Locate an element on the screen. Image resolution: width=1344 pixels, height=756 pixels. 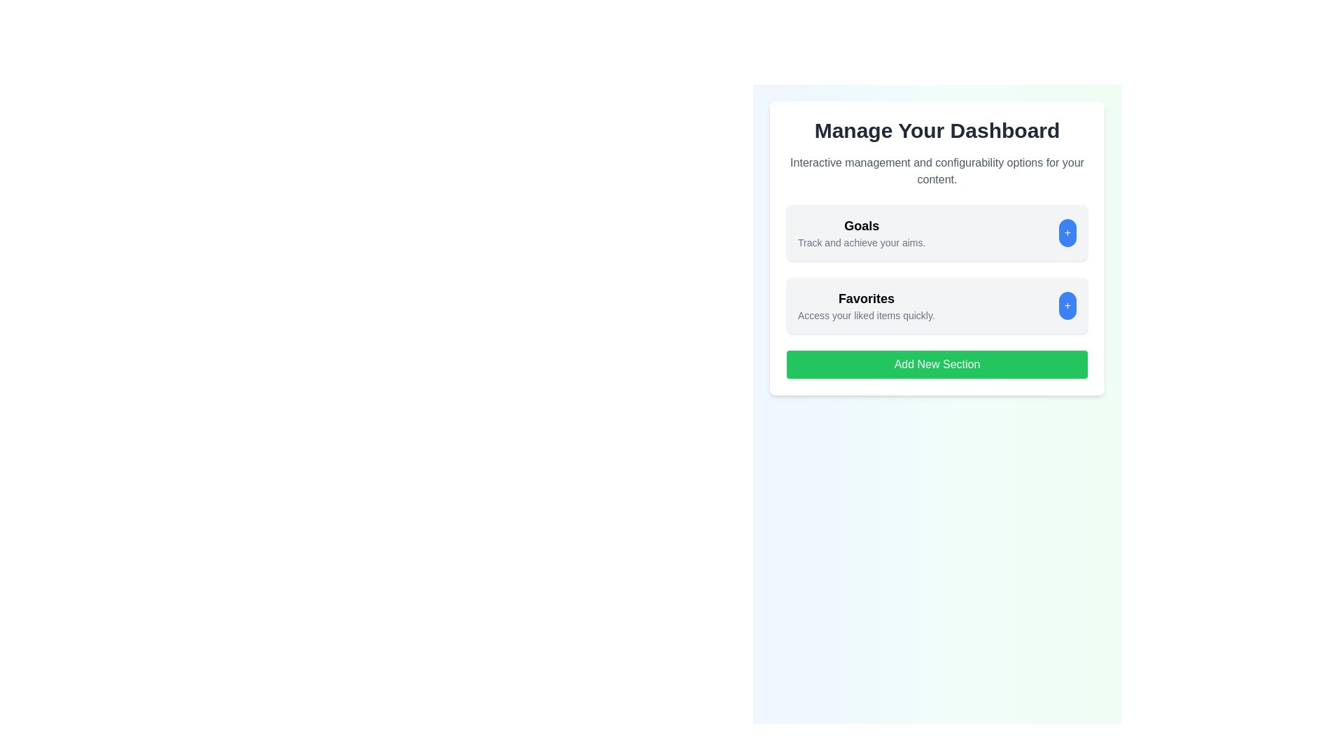
the circular blue button with a white plus sign is located at coordinates (1067, 304).